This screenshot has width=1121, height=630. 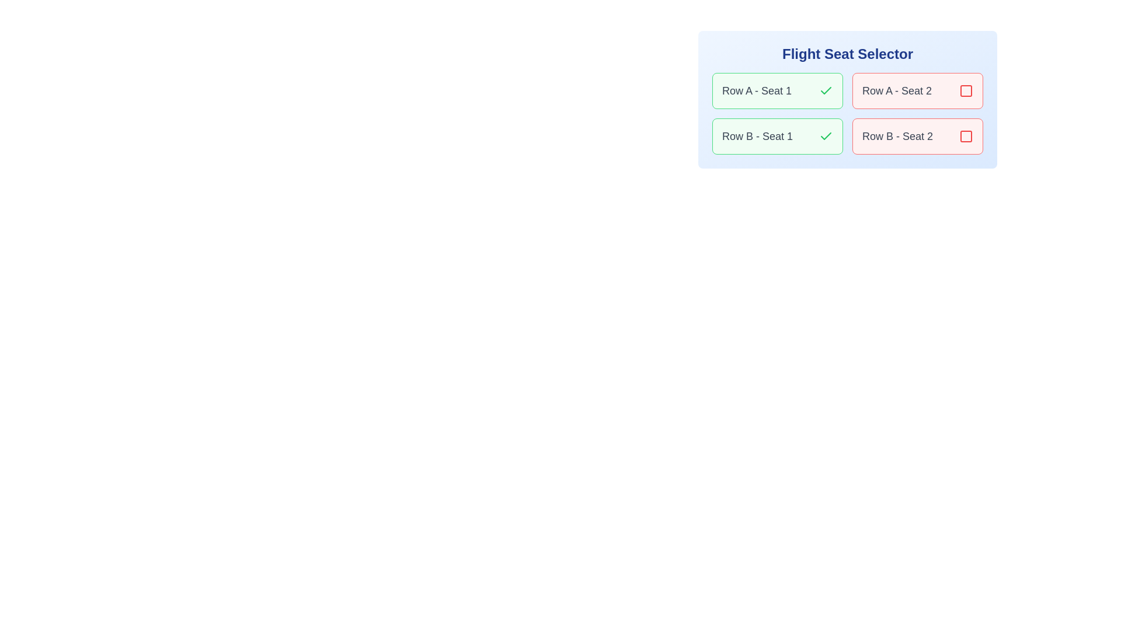 I want to click on the check mark icon located on the green button labeled 'Row B - Seat 1' to confirm the selection of that seat, so click(x=826, y=90).